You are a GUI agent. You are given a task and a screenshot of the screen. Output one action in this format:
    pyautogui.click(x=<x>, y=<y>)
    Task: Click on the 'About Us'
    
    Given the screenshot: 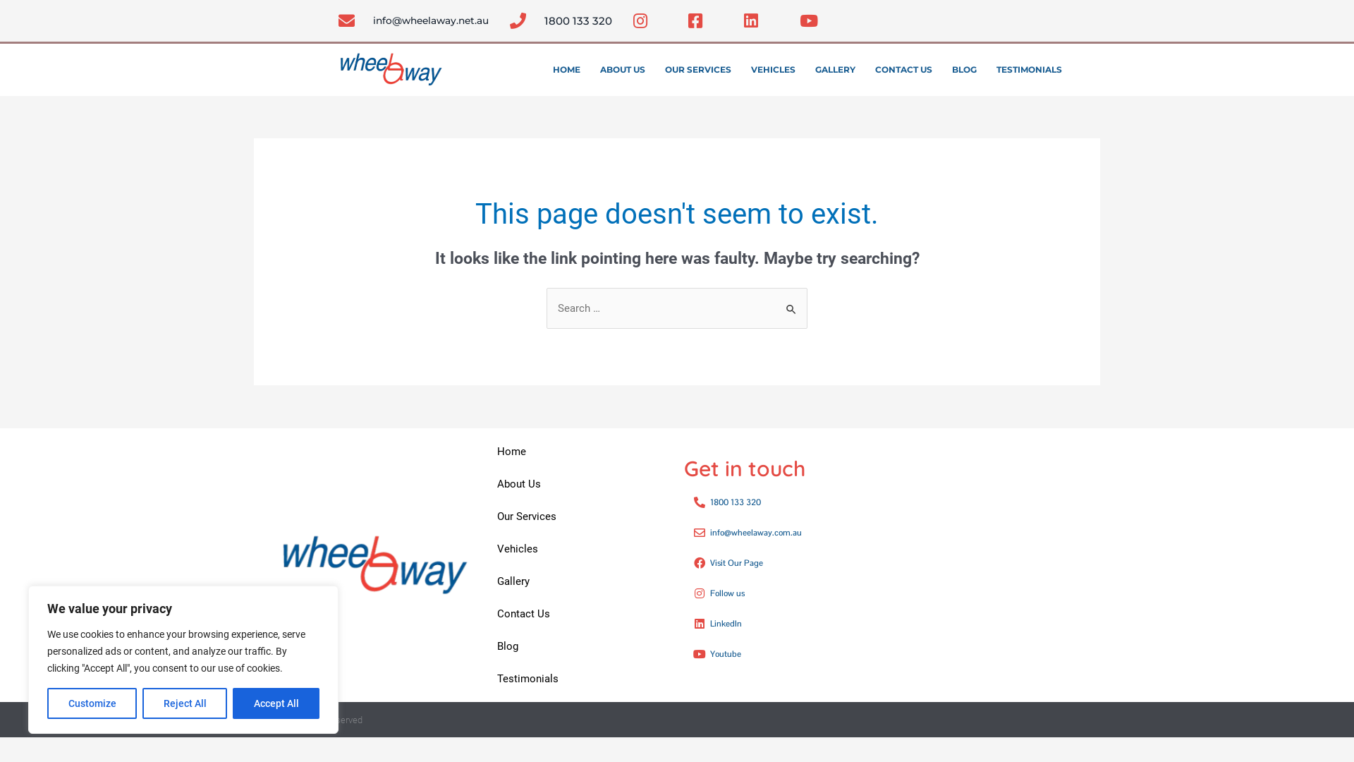 What is the action you would take?
    pyautogui.click(x=576, y=483)
    